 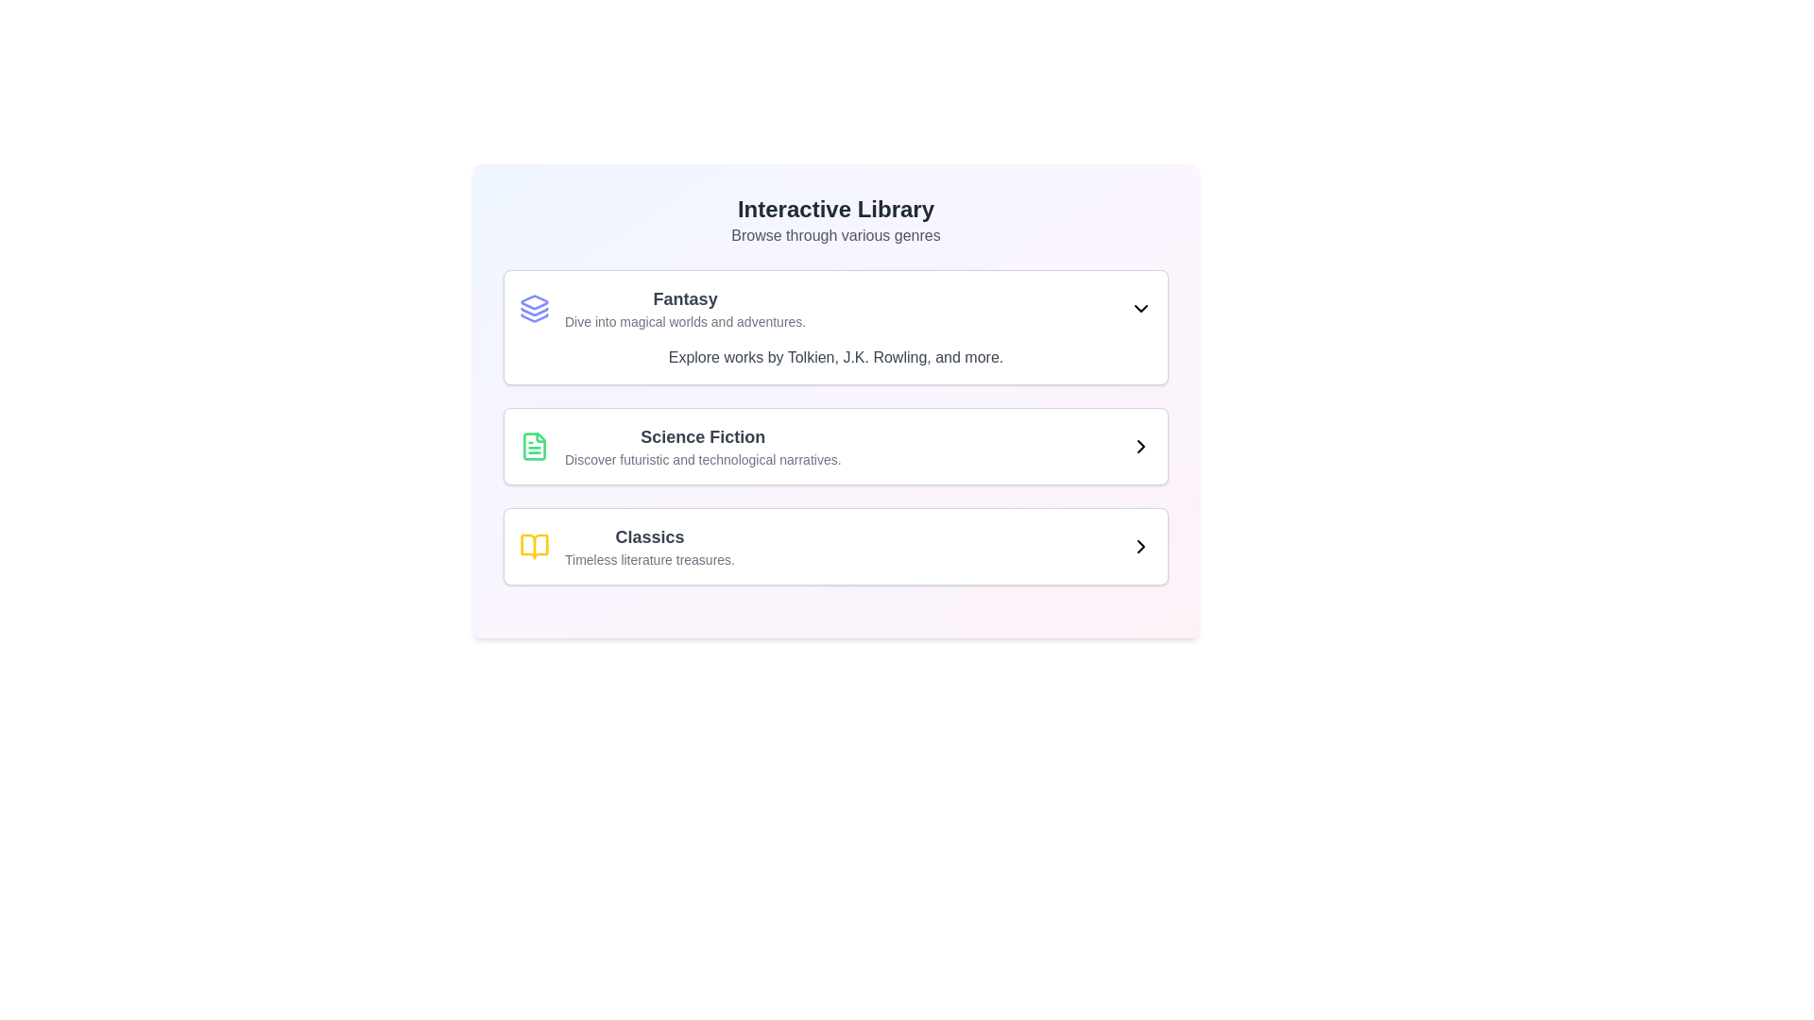 I want to click on the 'Classics' section icon, which is part of the interface indicating literature or books, located near the bottom of the 'Interactive Library' menu, so click(x=534, y=546).